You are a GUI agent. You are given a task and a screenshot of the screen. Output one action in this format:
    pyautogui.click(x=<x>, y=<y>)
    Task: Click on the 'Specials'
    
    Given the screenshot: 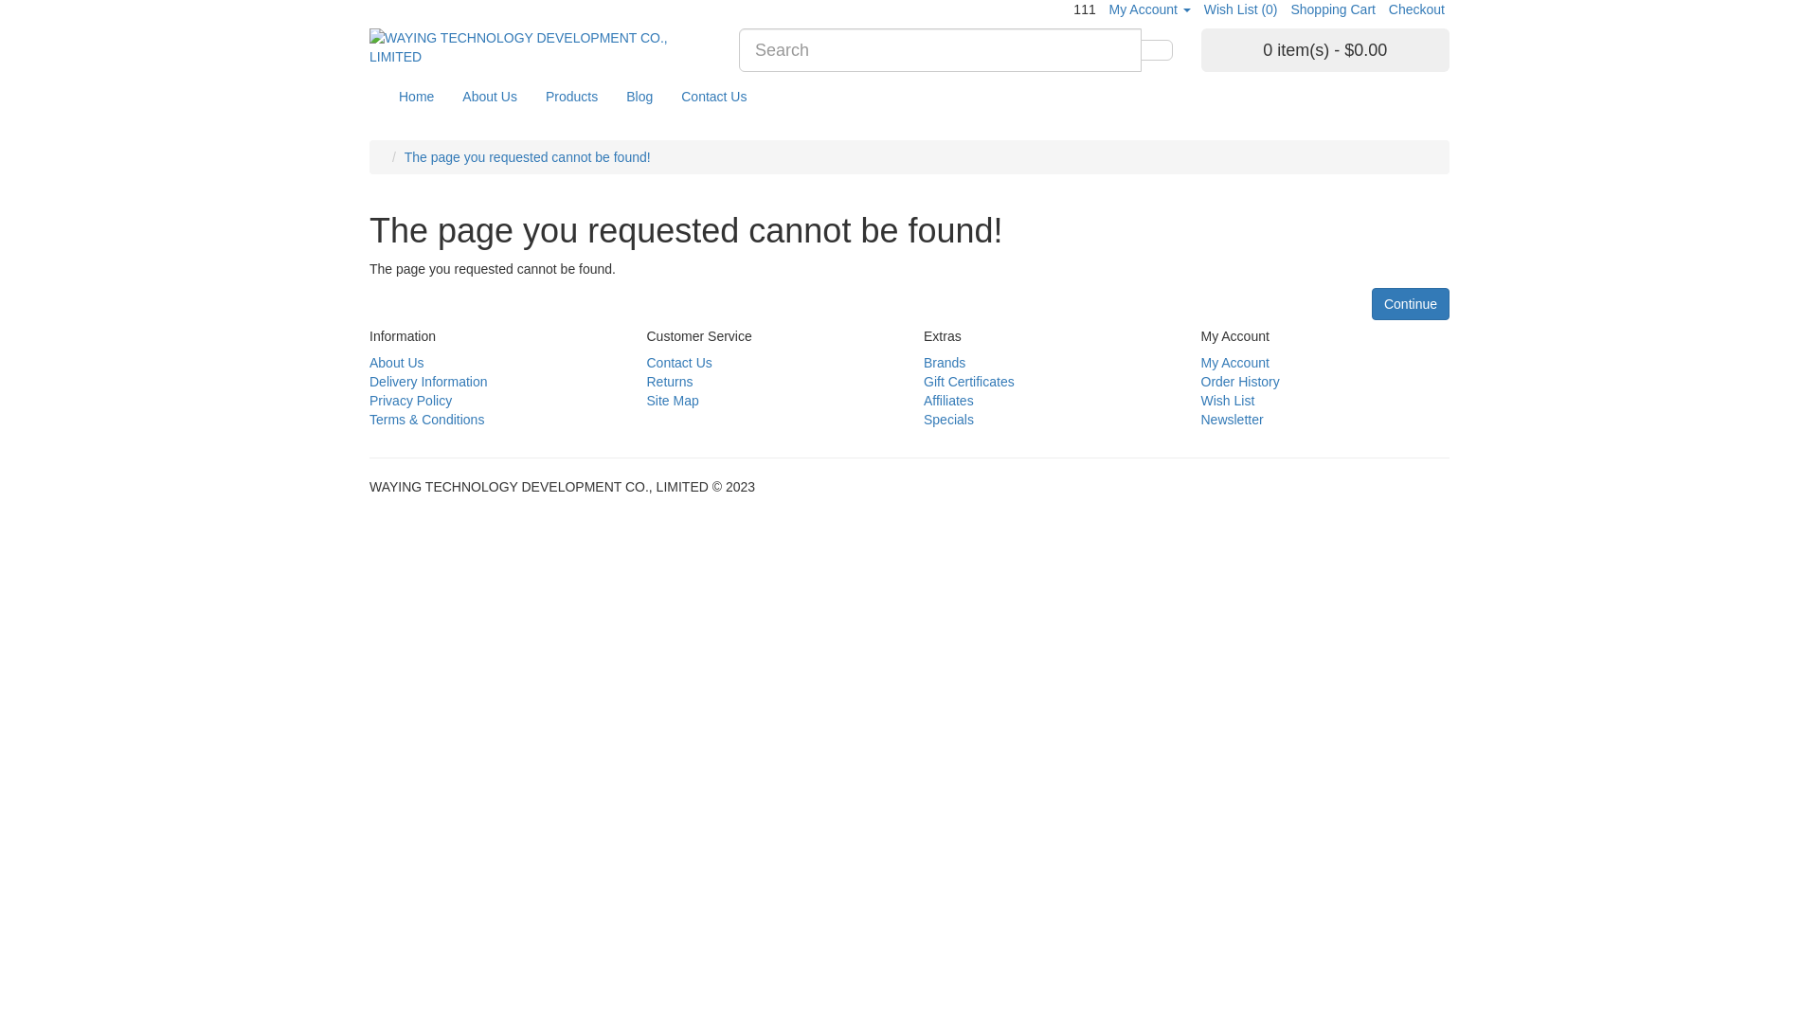 What is the action you would take?
    pyautogui.click(x=948, y=419)
    